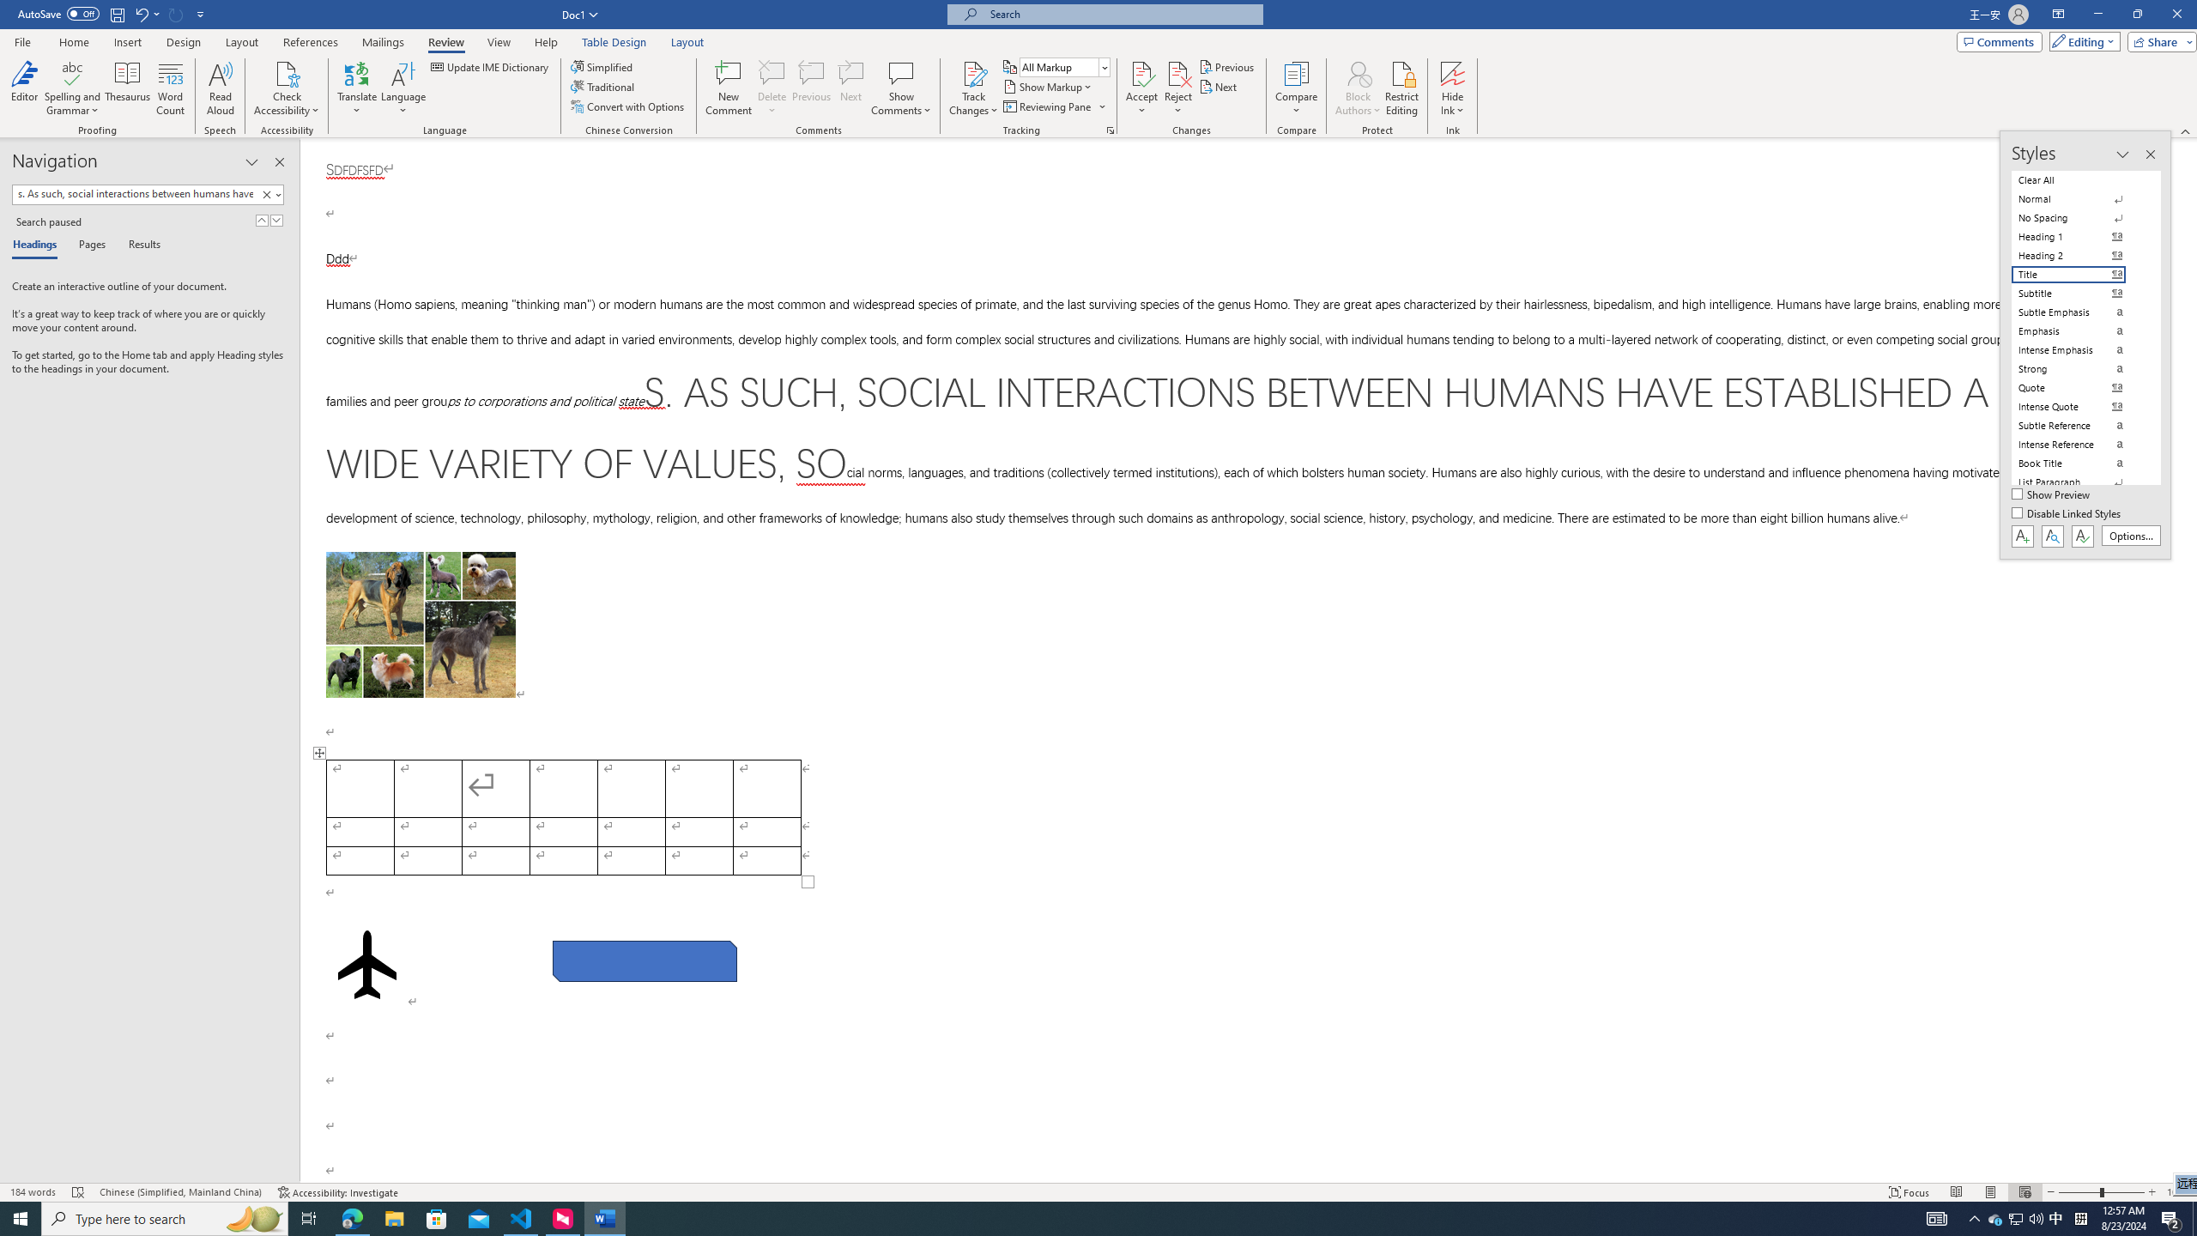 Image resolution: width=2197 pixels, height=1236 pixels. I want to click on 'Book Title', so click(2079, 463).